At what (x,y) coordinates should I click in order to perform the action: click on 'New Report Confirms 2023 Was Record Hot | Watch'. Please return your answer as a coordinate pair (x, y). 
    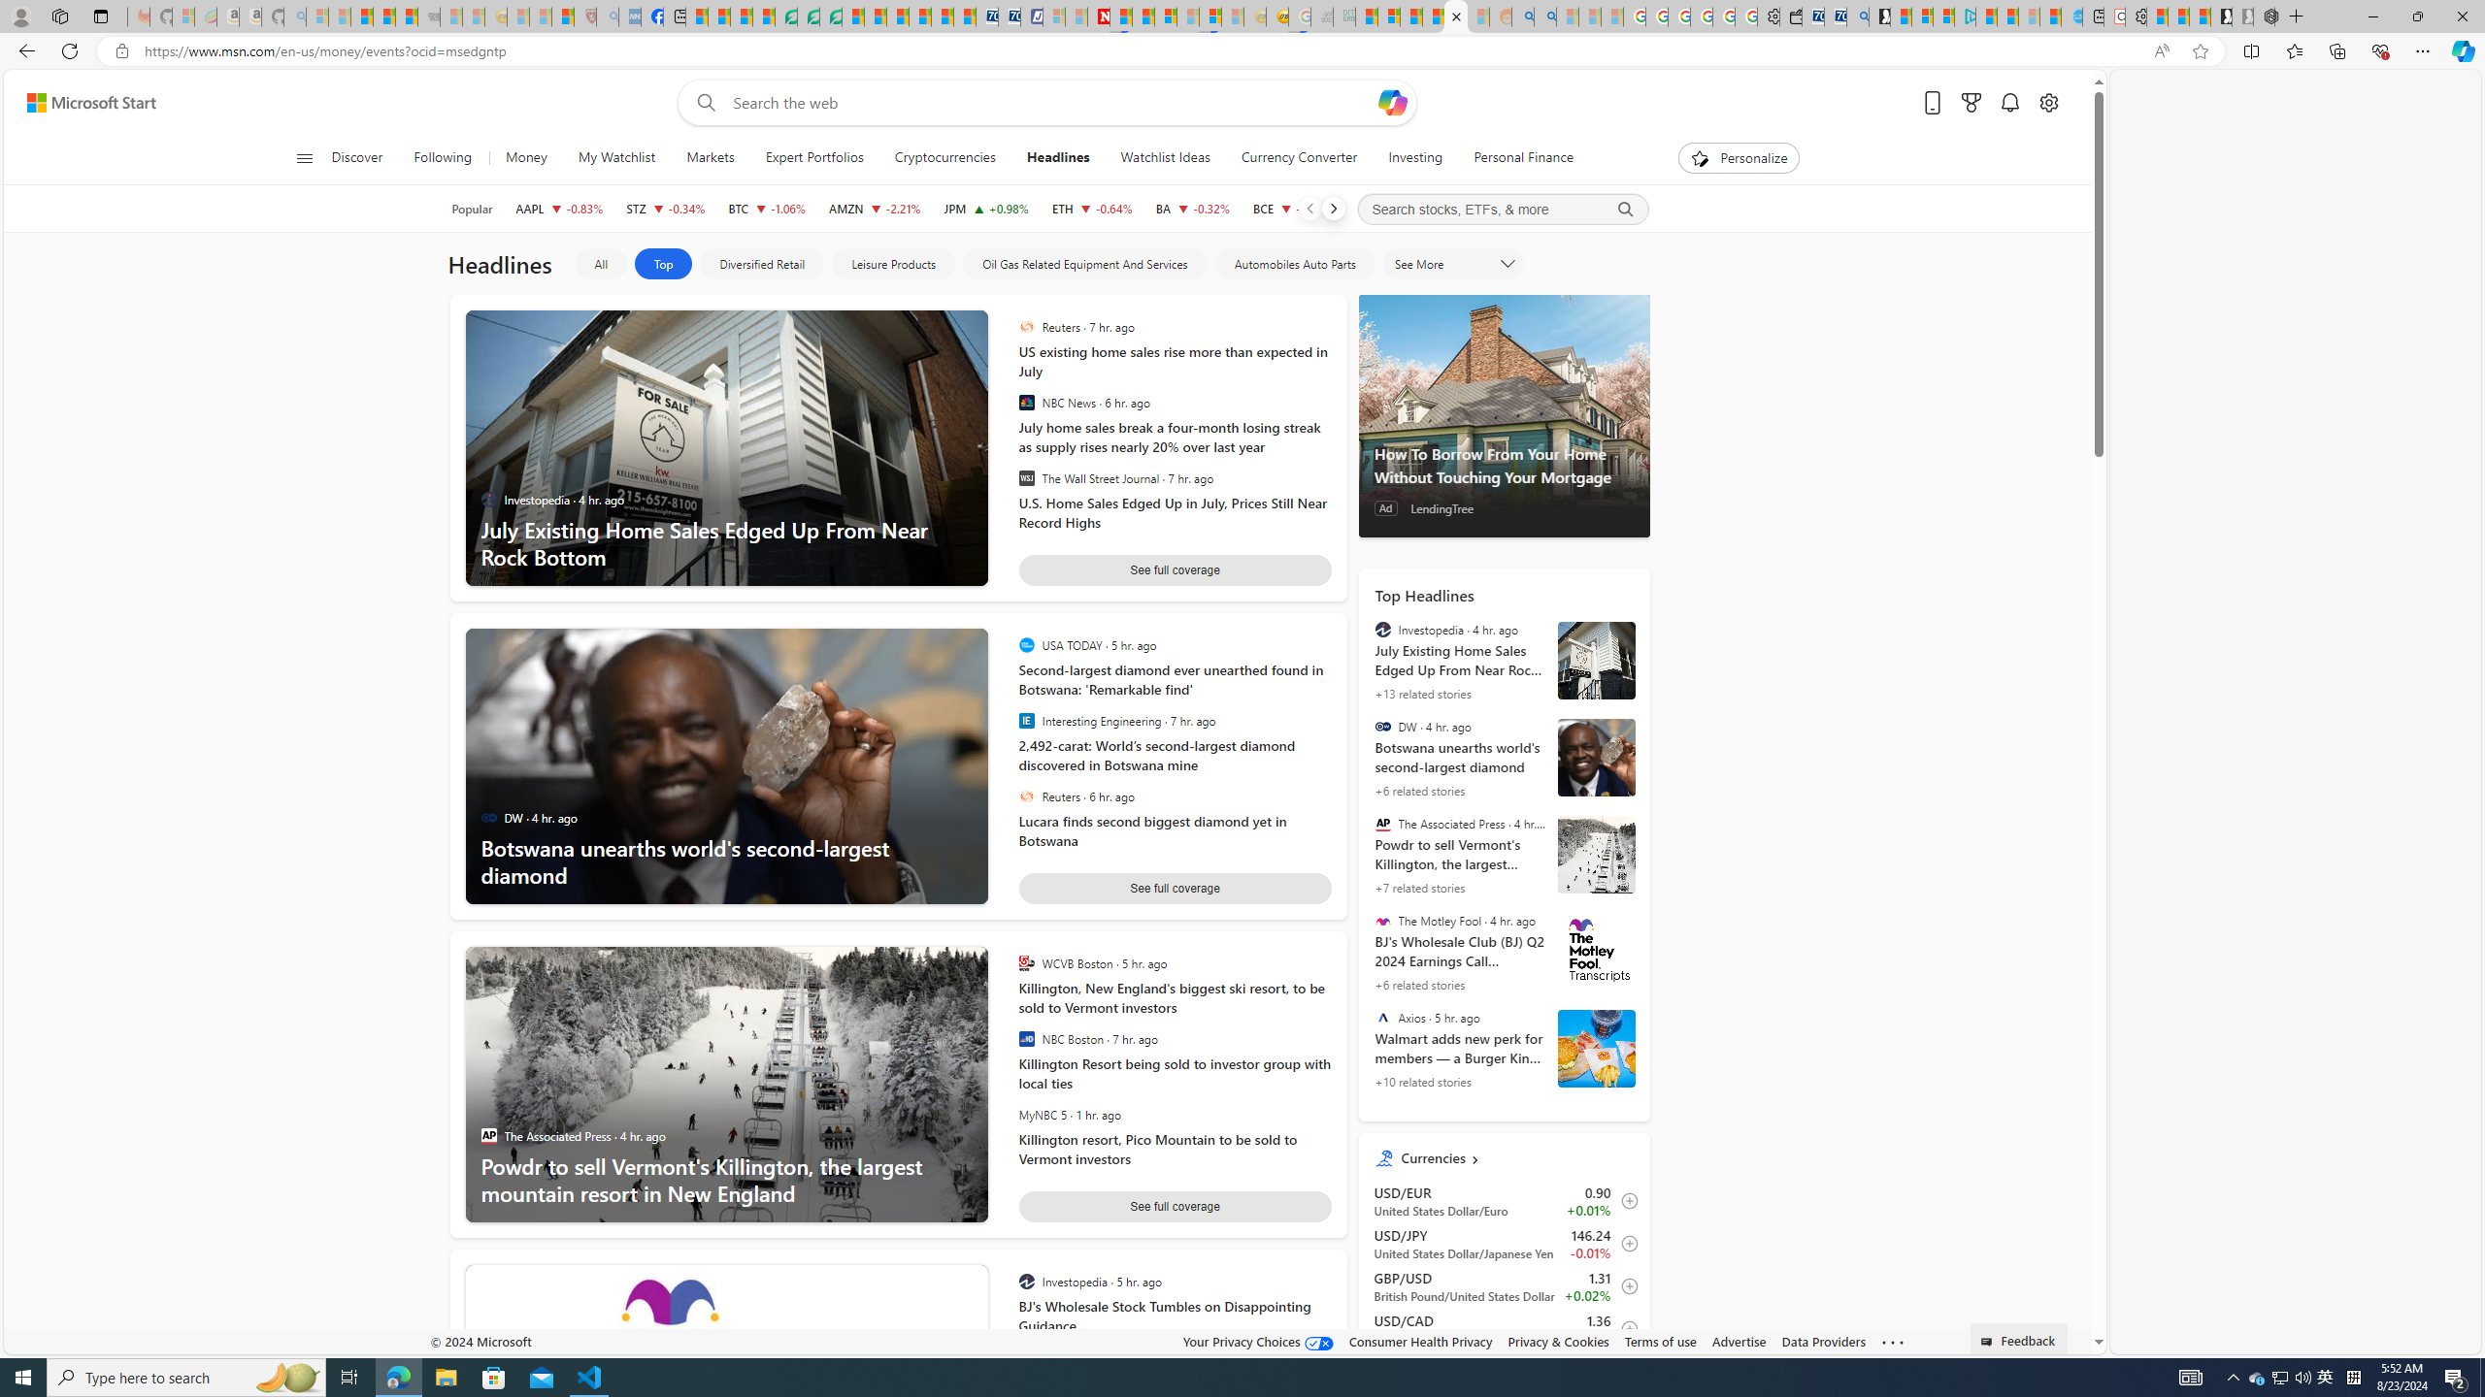
    Looking at the image, I should click on (405, 16).